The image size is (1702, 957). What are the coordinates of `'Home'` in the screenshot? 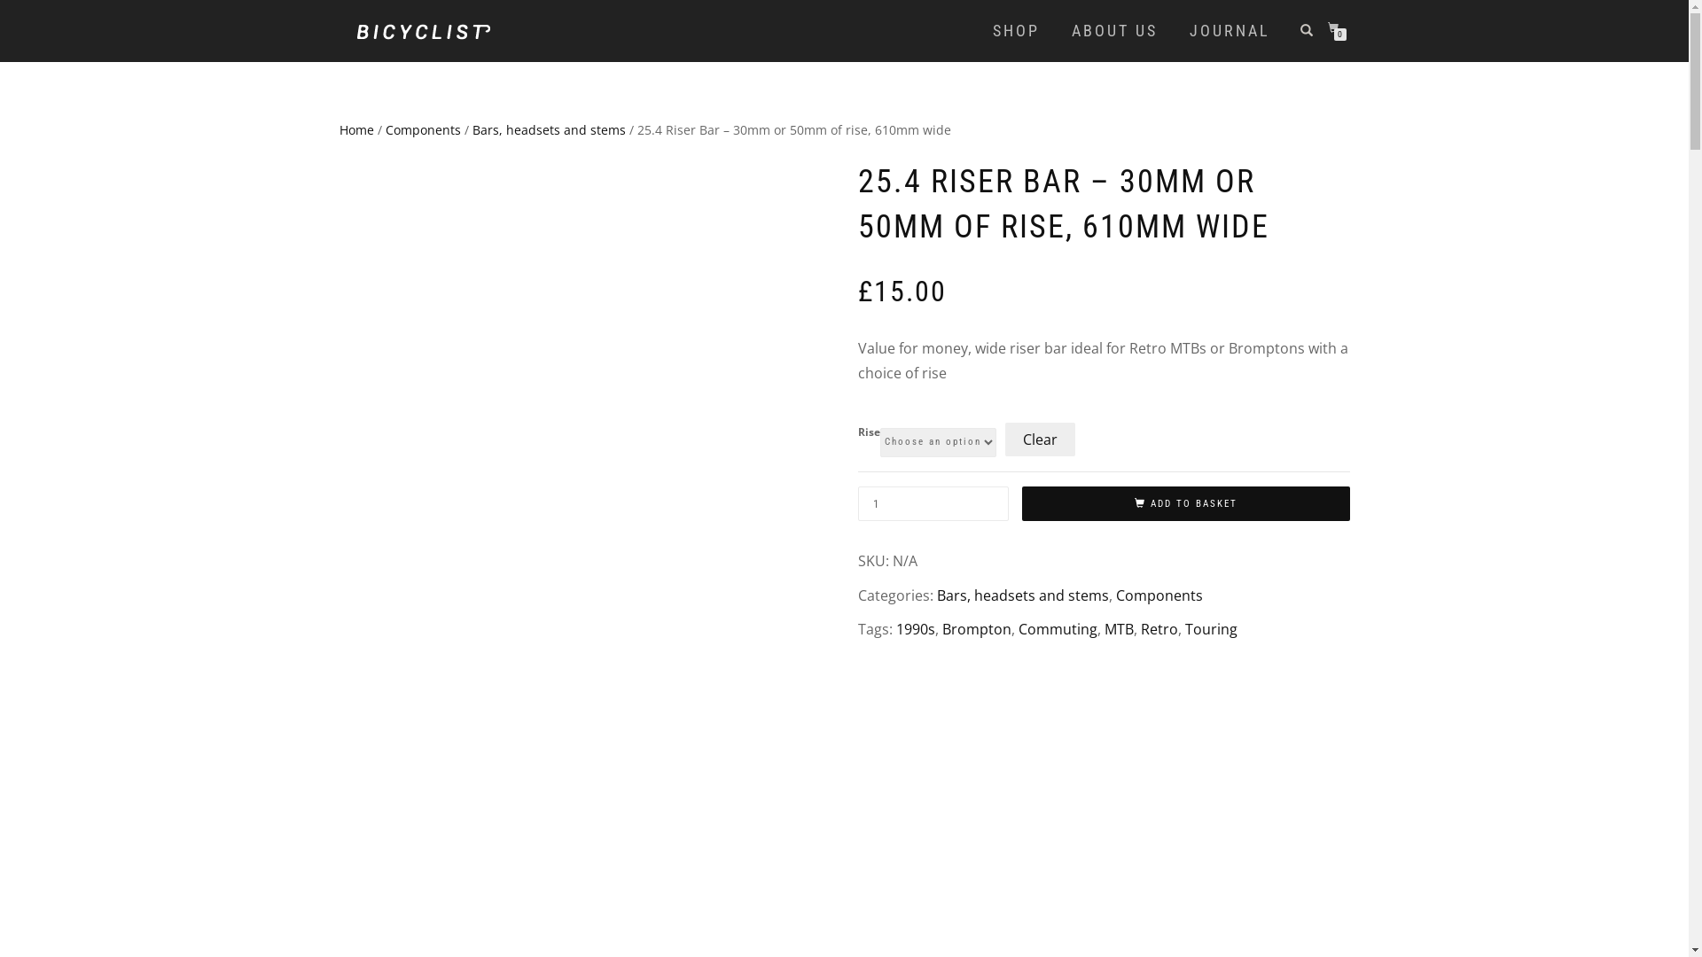 It's located at (339, 128).